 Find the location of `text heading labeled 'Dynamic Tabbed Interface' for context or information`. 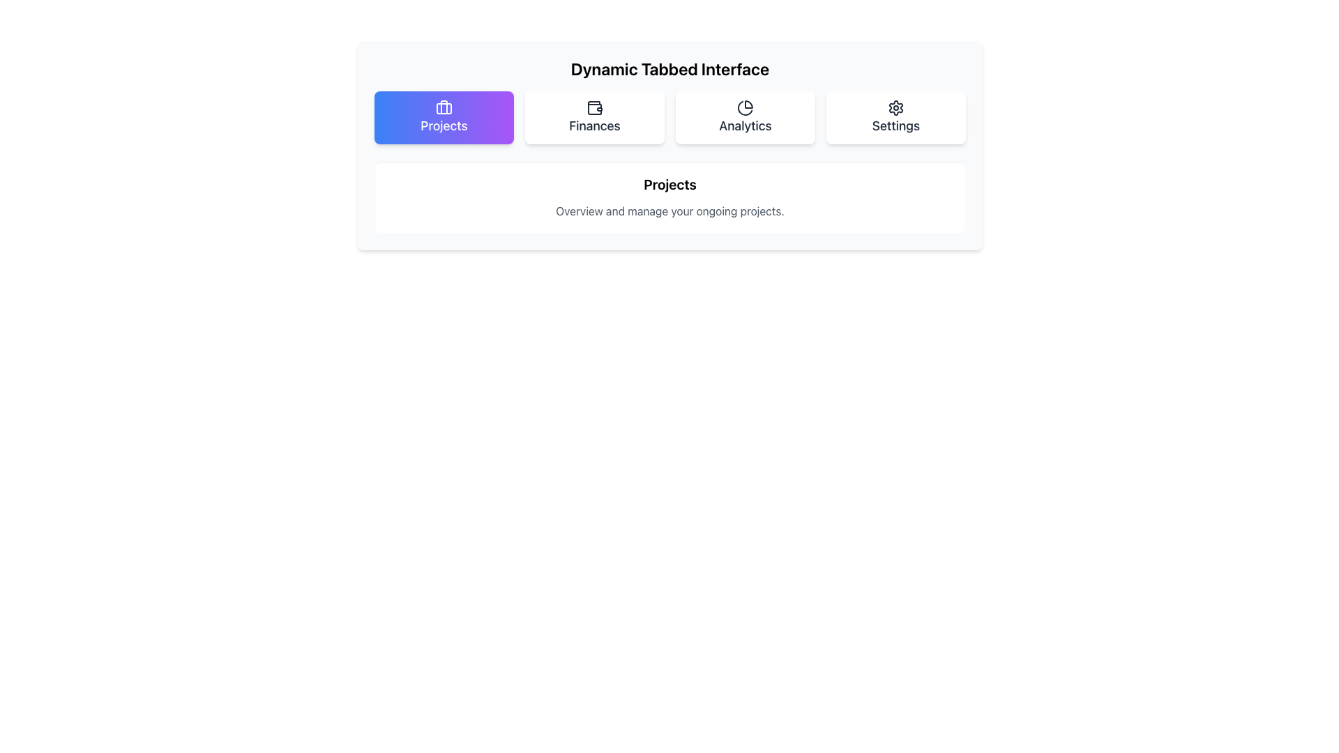

text heading labeled 'Dynamic Tabbed Interface' for context or information is located at coordinates (669, 69).